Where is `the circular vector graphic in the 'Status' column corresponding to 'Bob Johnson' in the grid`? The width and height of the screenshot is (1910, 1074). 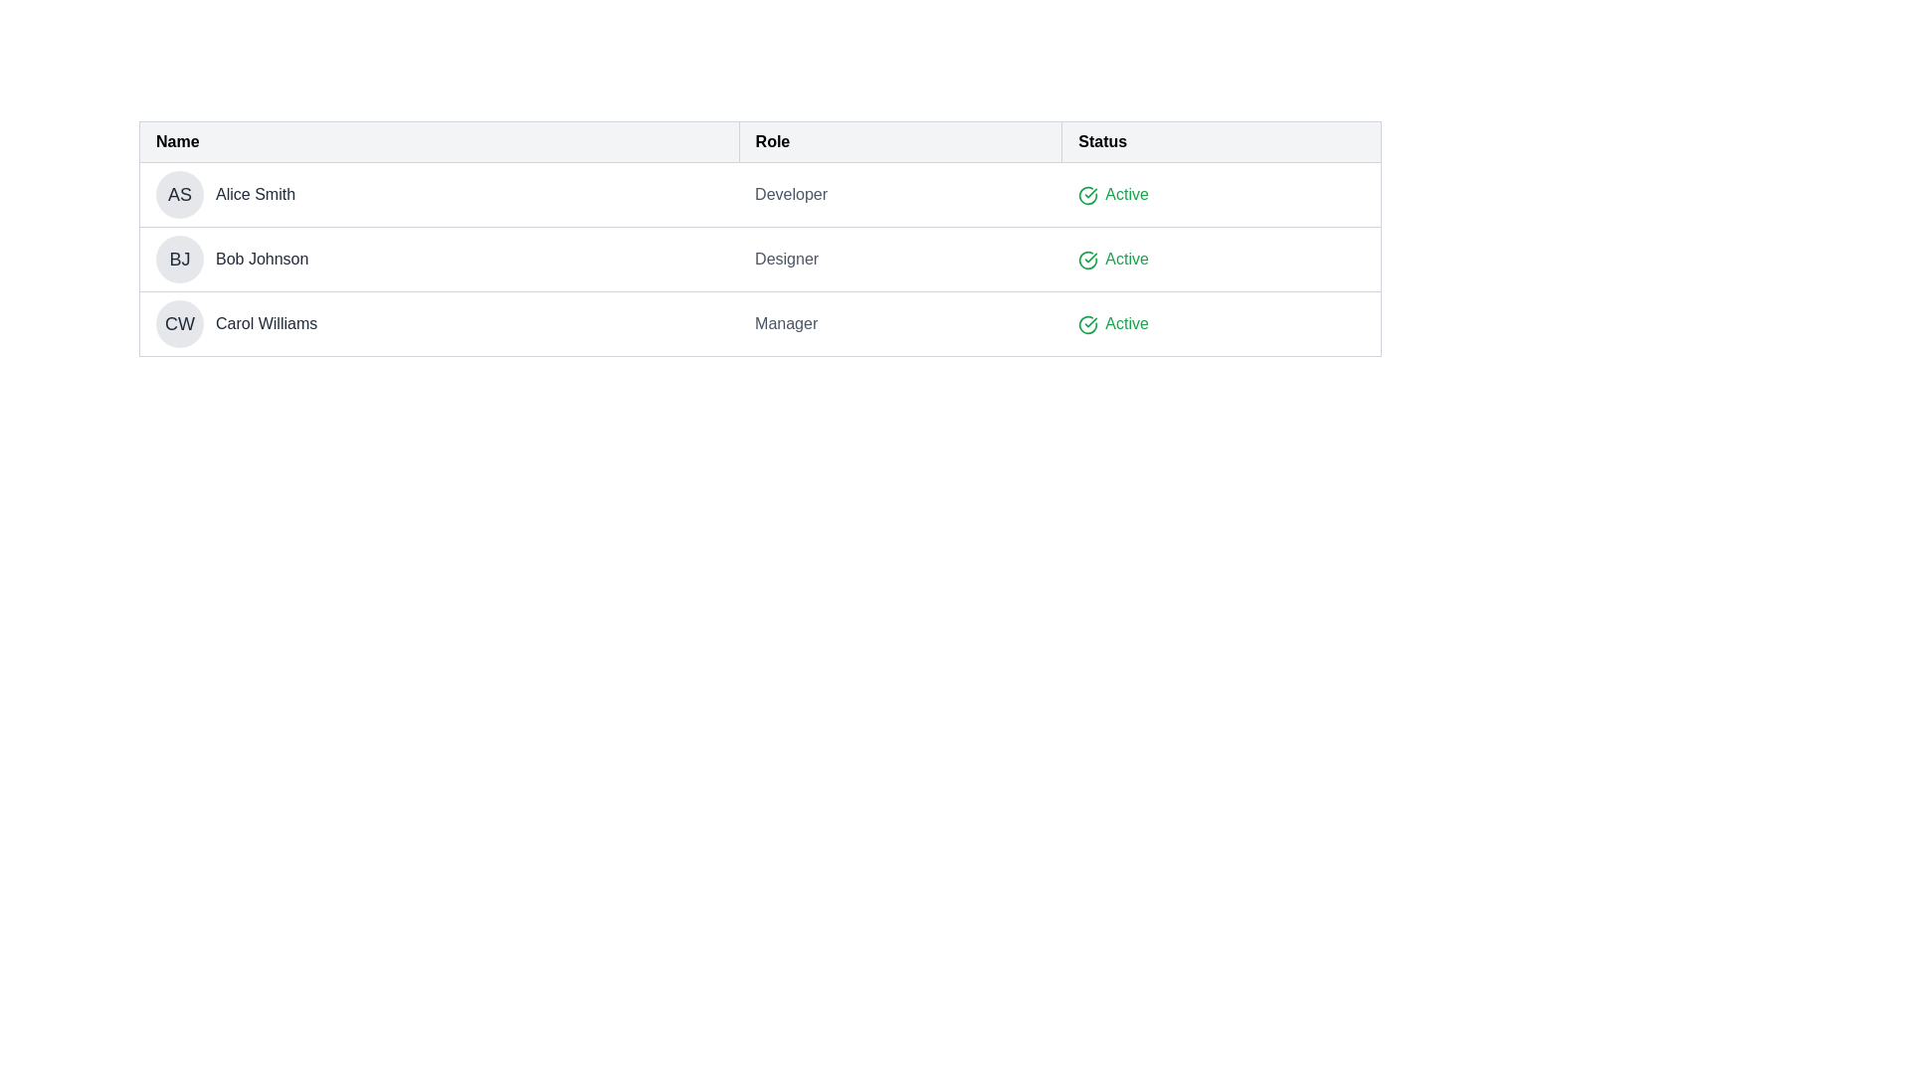 the circular vector graphic in the 'Status' column corresponding to 'Bob Johnson' in the grid is located at coordinates (1086, 259).